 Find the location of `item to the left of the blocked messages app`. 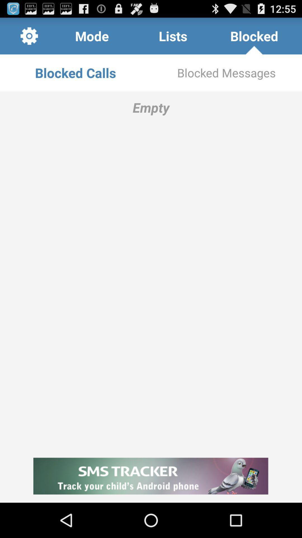

item to the left of the blocked messages app is located at coordinates (75, 72).